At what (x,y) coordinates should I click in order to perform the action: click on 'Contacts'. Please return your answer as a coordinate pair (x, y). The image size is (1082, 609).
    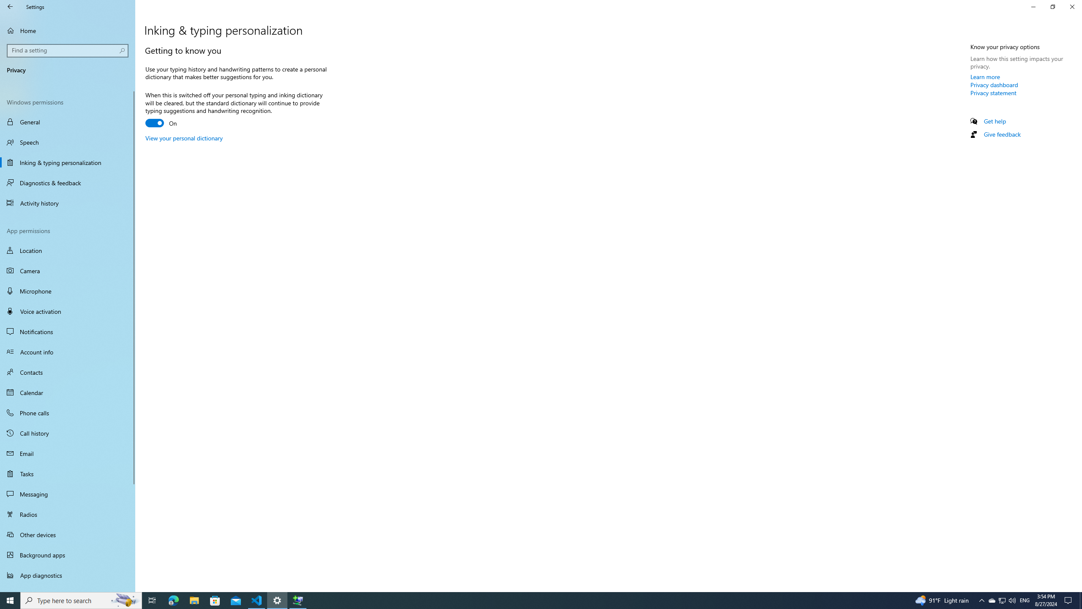
    Looking at the image, I should click on (67, 371).